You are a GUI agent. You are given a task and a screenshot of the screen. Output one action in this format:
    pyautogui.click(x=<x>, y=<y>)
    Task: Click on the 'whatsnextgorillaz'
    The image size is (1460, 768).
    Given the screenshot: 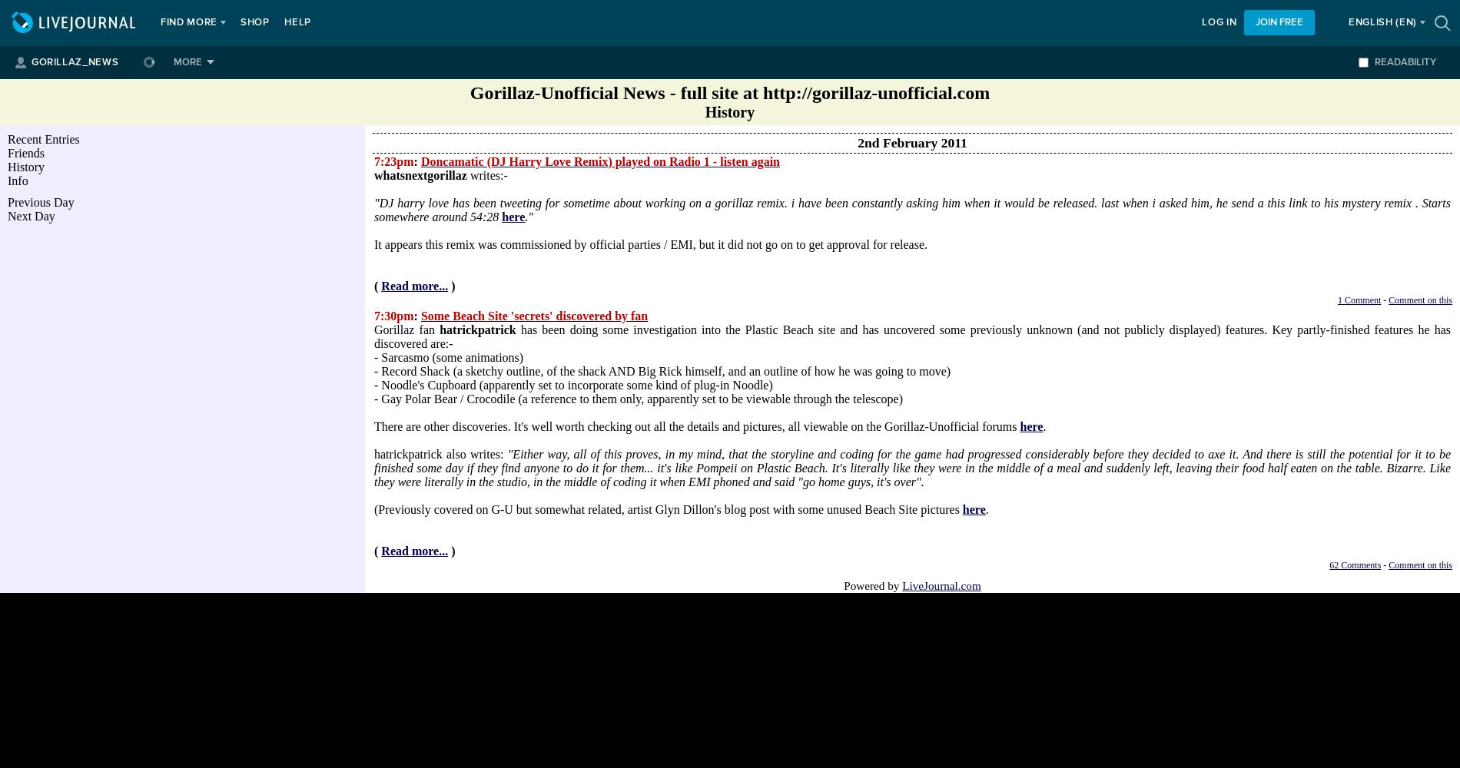 What is the action you would take?
    pyautogui.click(x=373, y=174)
    